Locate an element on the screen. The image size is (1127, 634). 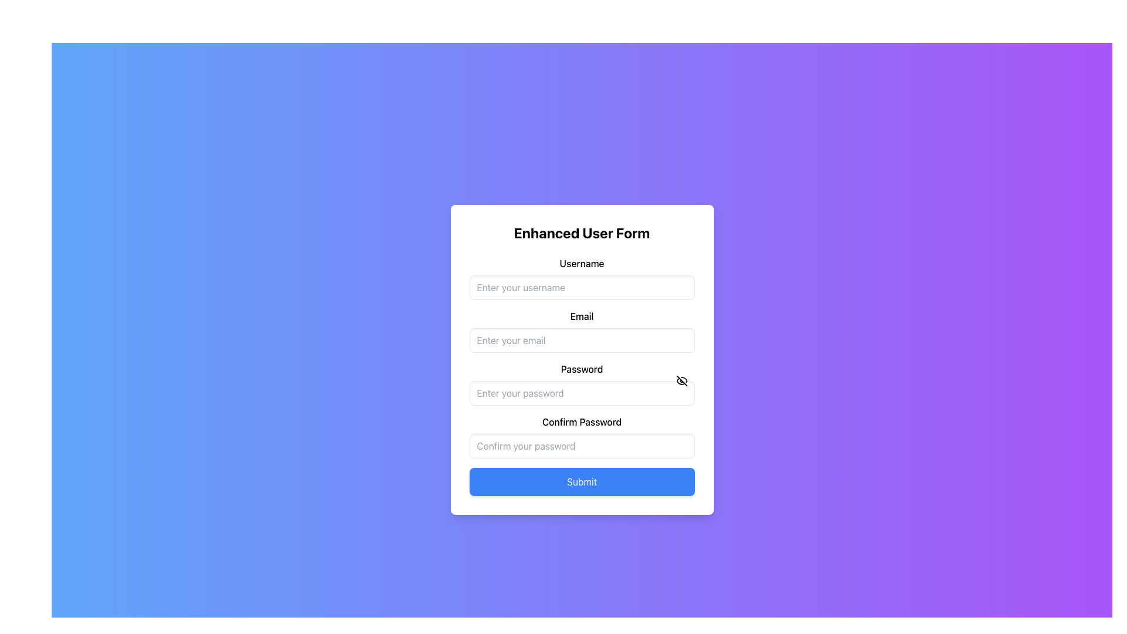
the label for the password confirmation input field, which is positioned beneath the 'Password' field and above the 'Submit' button is located at coordinates (582, 421).